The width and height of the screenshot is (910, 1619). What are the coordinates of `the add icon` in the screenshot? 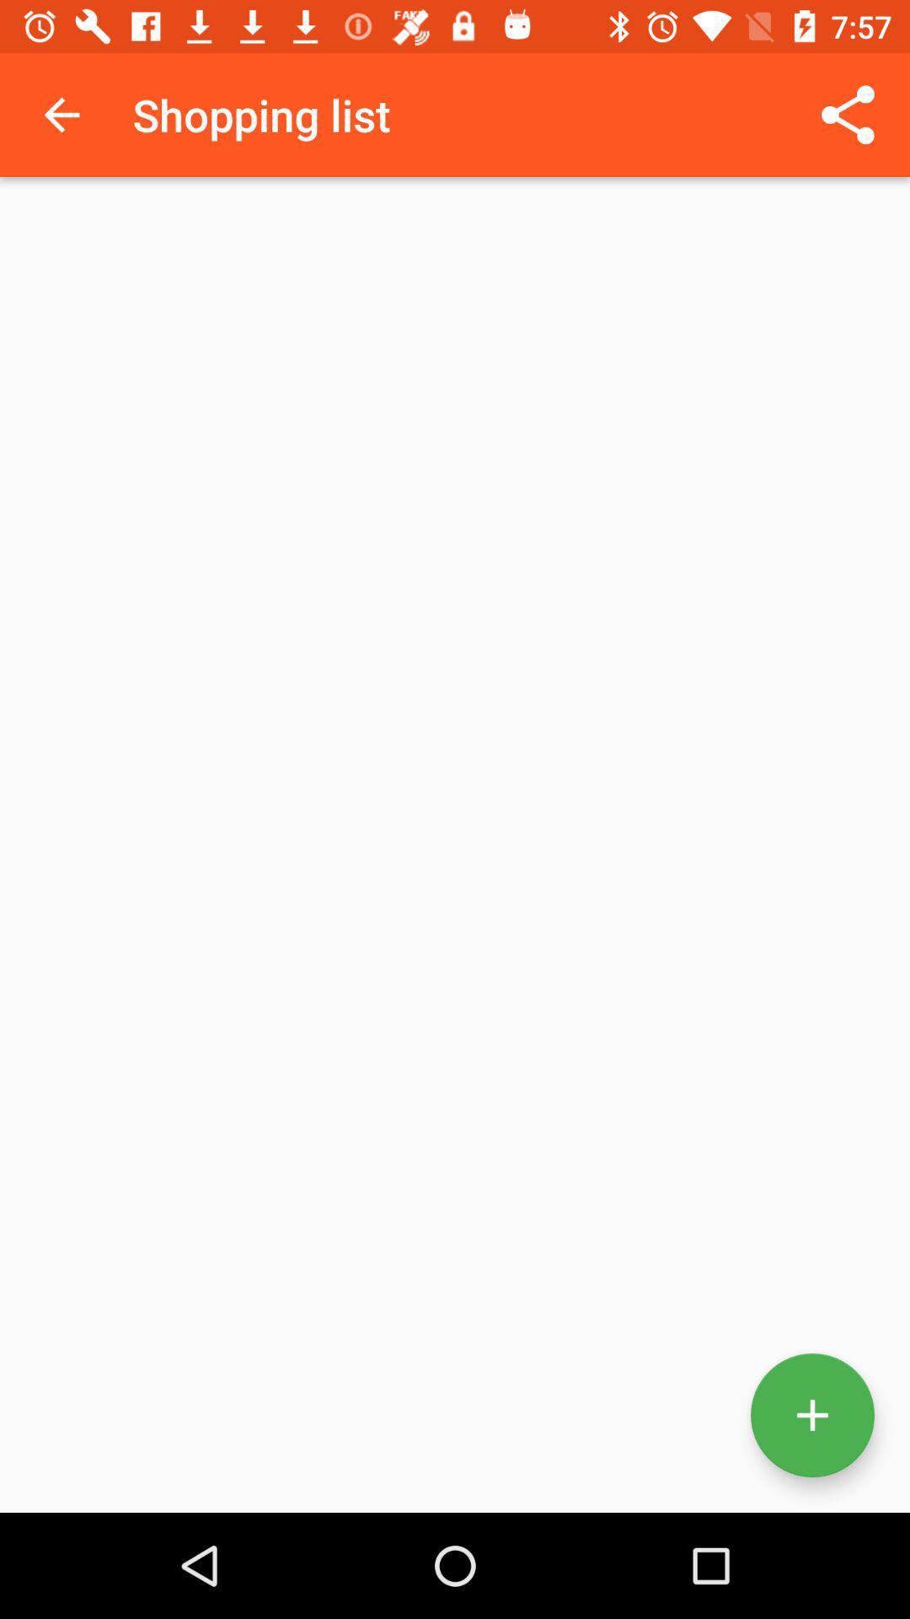 It's located at (811, 1415).